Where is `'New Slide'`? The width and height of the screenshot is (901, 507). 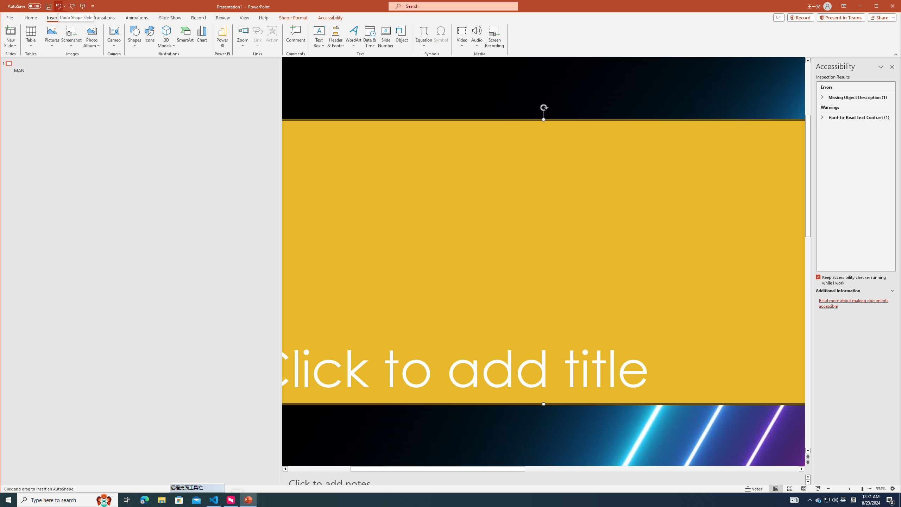
'New Slide' is located at coordinates (10, 36).